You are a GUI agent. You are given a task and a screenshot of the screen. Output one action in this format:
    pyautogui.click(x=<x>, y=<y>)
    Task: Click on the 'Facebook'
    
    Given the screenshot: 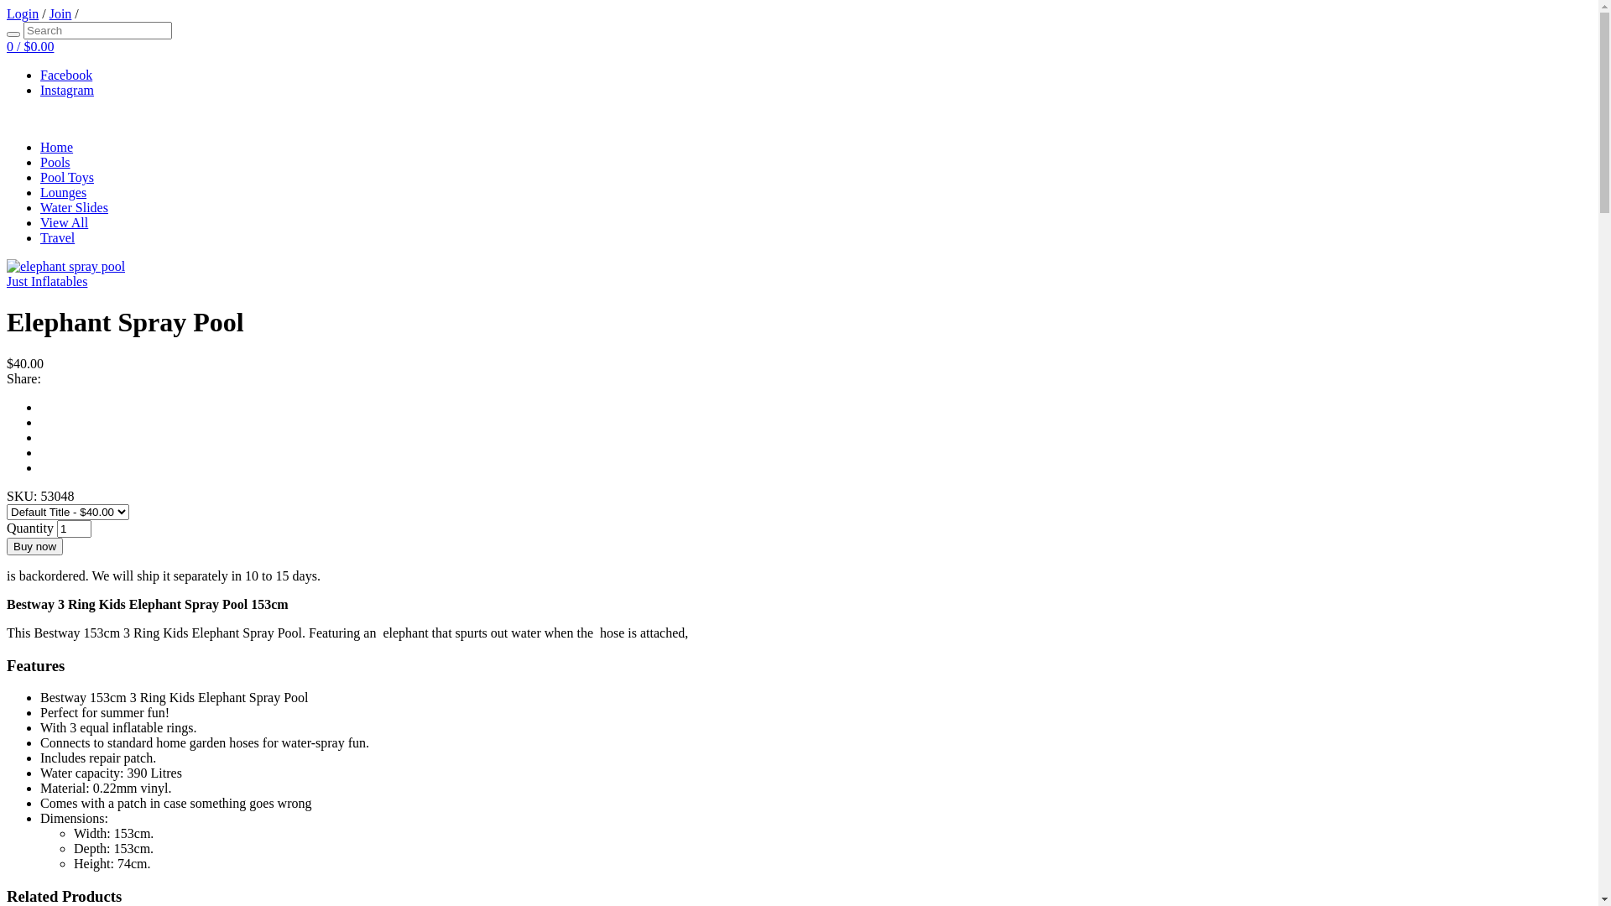 What is the action you would take?
    pyautogui.click(x=65, y=74)
    